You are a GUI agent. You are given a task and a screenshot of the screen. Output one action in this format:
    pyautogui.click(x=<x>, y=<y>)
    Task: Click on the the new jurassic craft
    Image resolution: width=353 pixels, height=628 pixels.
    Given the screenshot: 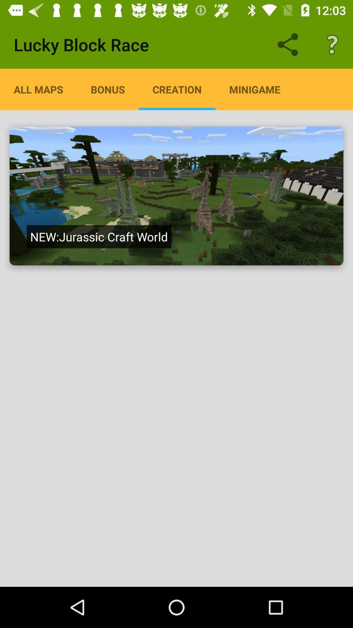 What is the action you would take?
    pyautogui.click(x=99, y=236)
    